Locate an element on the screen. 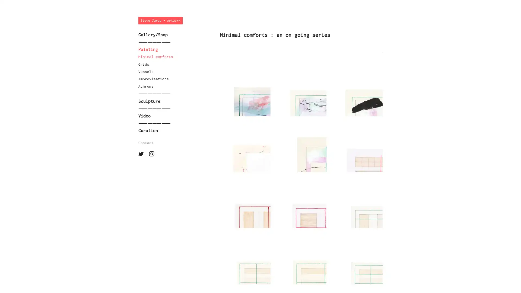 The image size is (521, 293). View fullsize Gut feeling (03) is located at coordinates (357, 95).